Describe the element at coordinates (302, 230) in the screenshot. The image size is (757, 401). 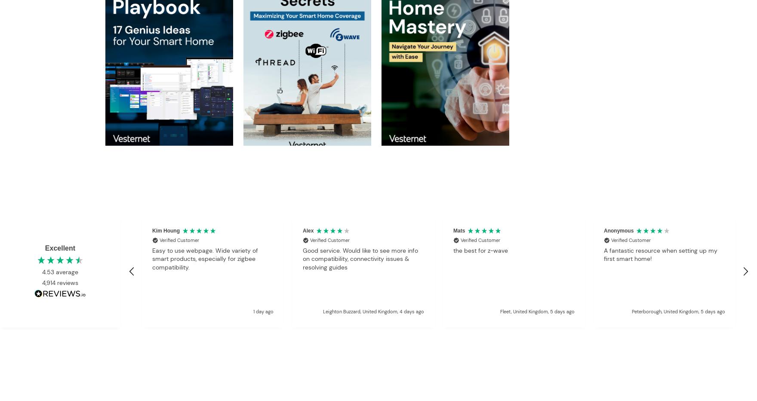
I see `'Alex'` at that location.